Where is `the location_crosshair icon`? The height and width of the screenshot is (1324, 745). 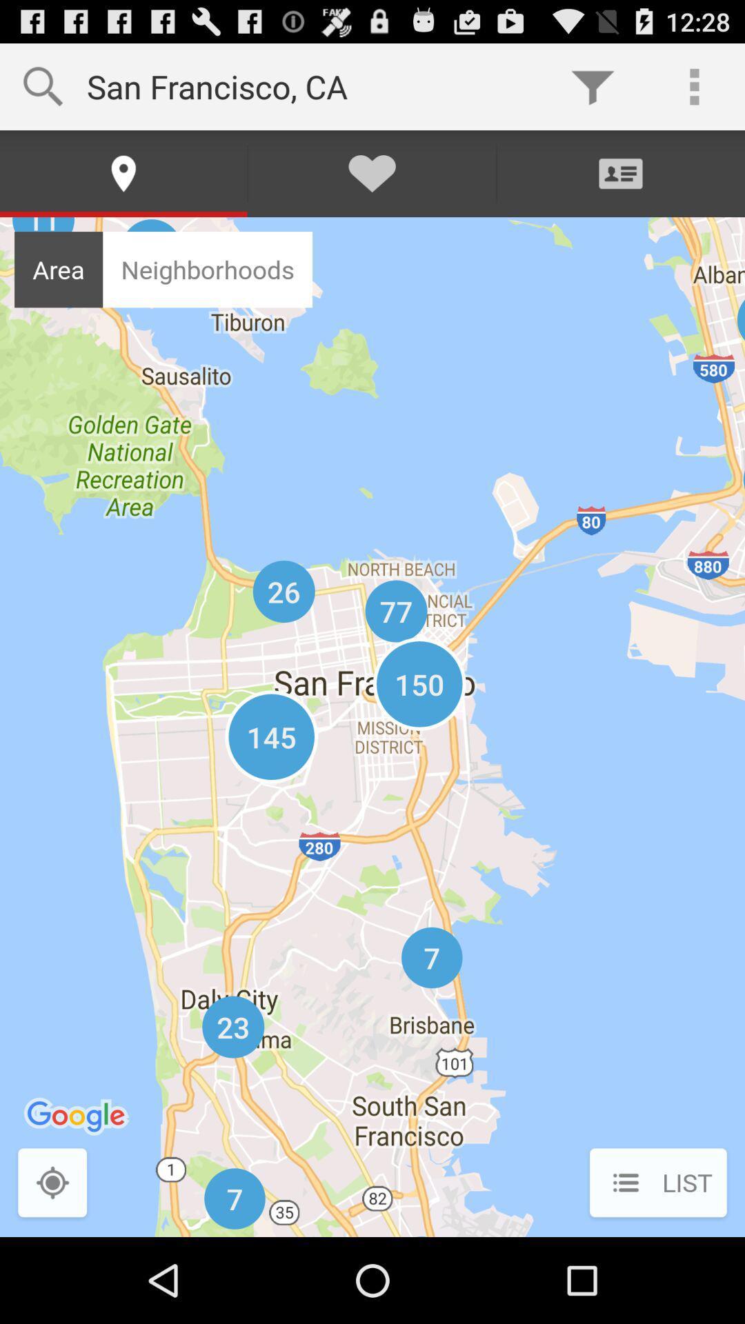 the location_crosshair icon is located at coordinates (52, 1267).